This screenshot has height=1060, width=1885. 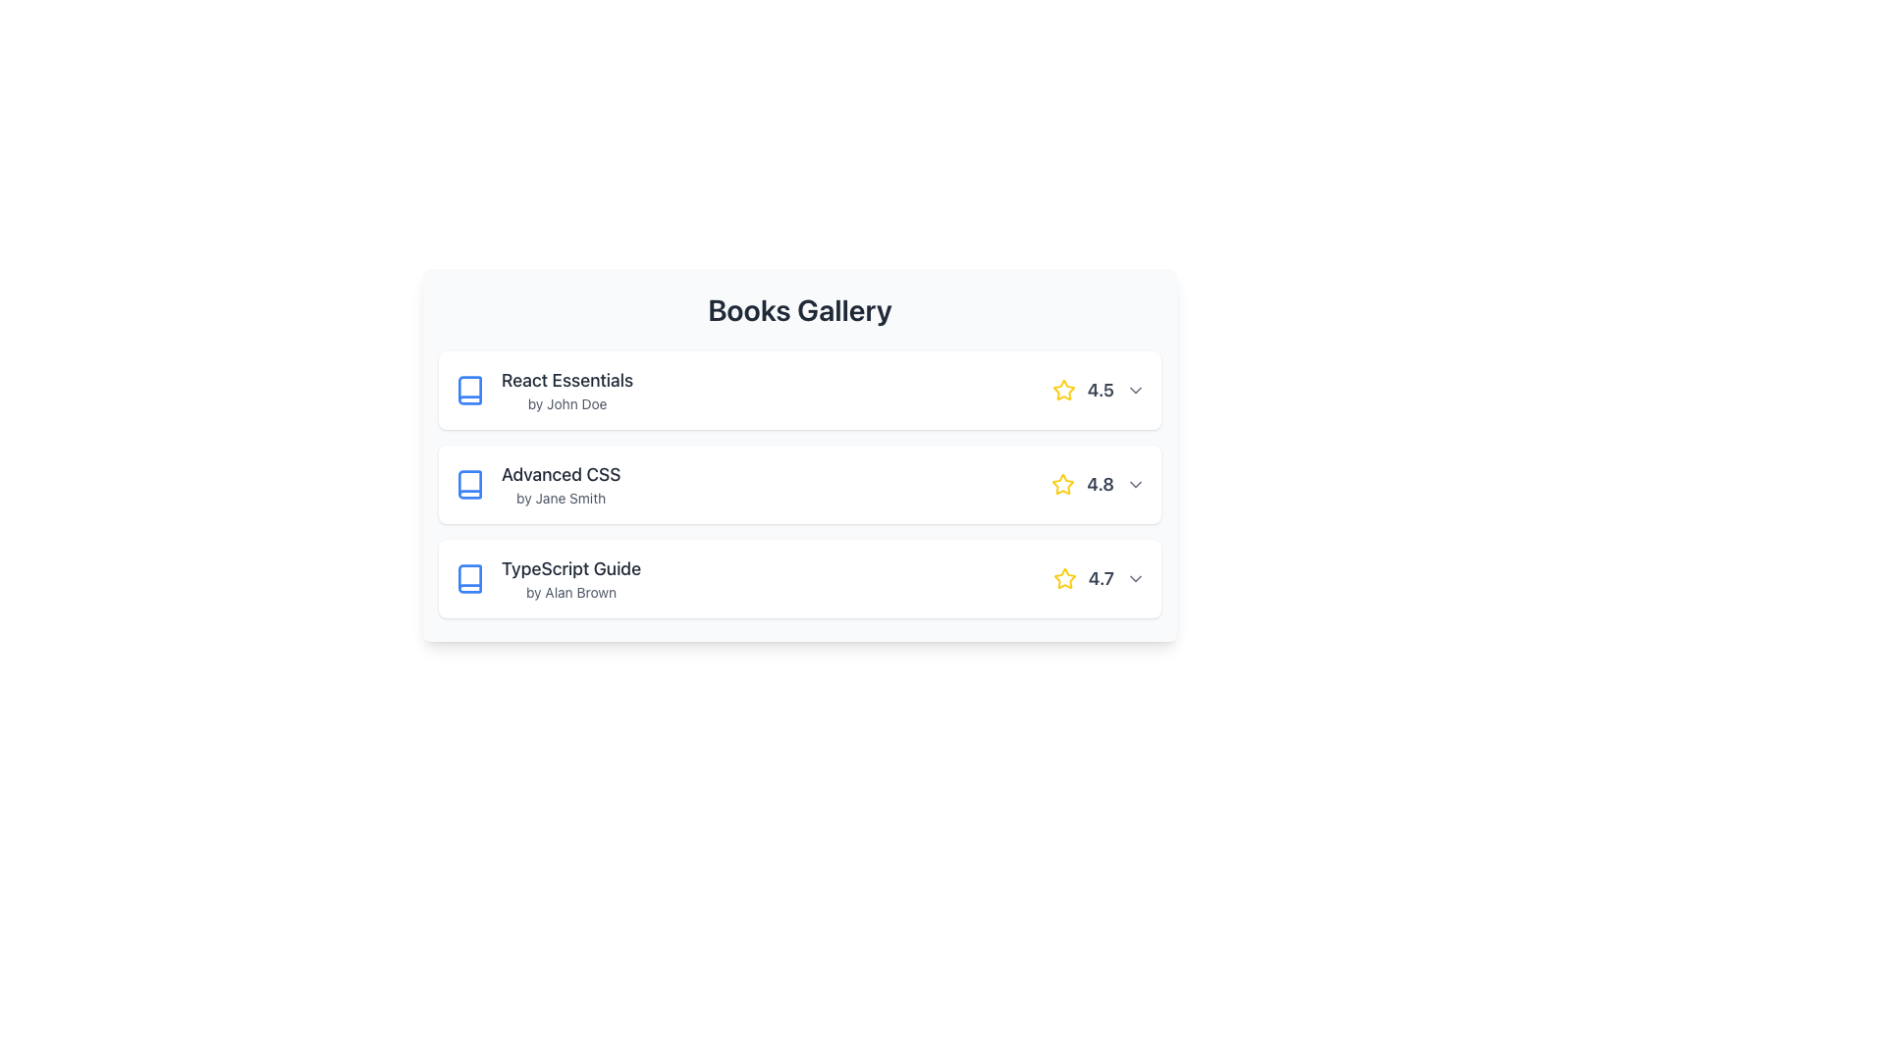 I want to click on the blue outlined book icon located beside the text 'TypeScript Guide' and 'by Alan Brown' within the third item of a list, so click(x=469, y=578).